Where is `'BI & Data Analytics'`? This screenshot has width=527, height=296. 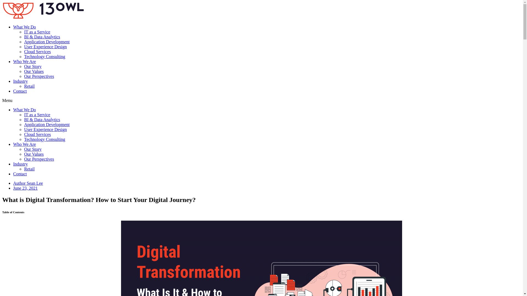 'BI & Data Analytics' is located at coordinates (24, 37).